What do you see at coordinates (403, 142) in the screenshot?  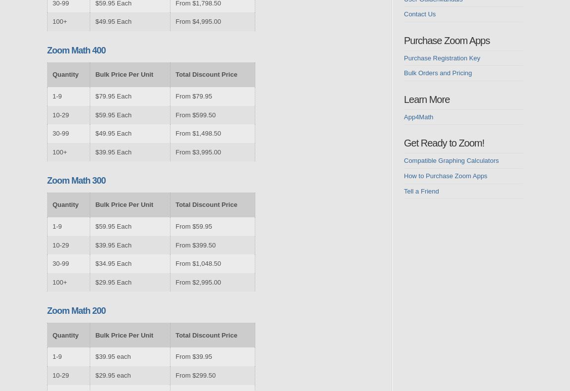 I see `'Get Ready to Zoom!'` at bounding box center [403, 142].